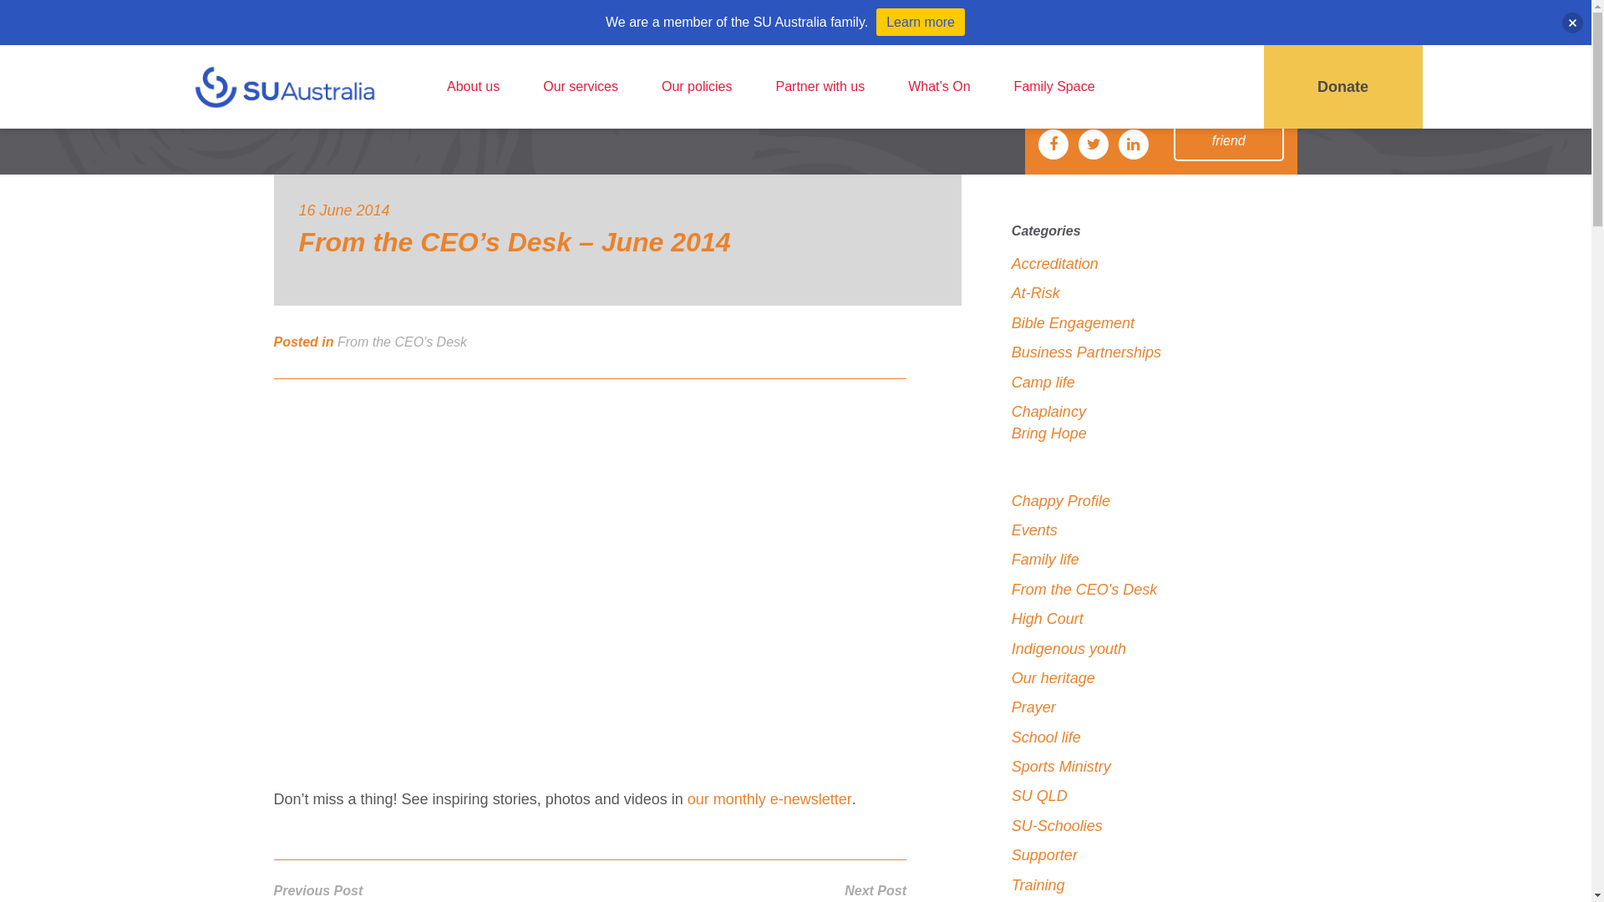 The height and width of the screenshot is (902, 1604). Describe the element at coordinates (1053, 87) in the screenshot. I see `'Family Space'` at that location.